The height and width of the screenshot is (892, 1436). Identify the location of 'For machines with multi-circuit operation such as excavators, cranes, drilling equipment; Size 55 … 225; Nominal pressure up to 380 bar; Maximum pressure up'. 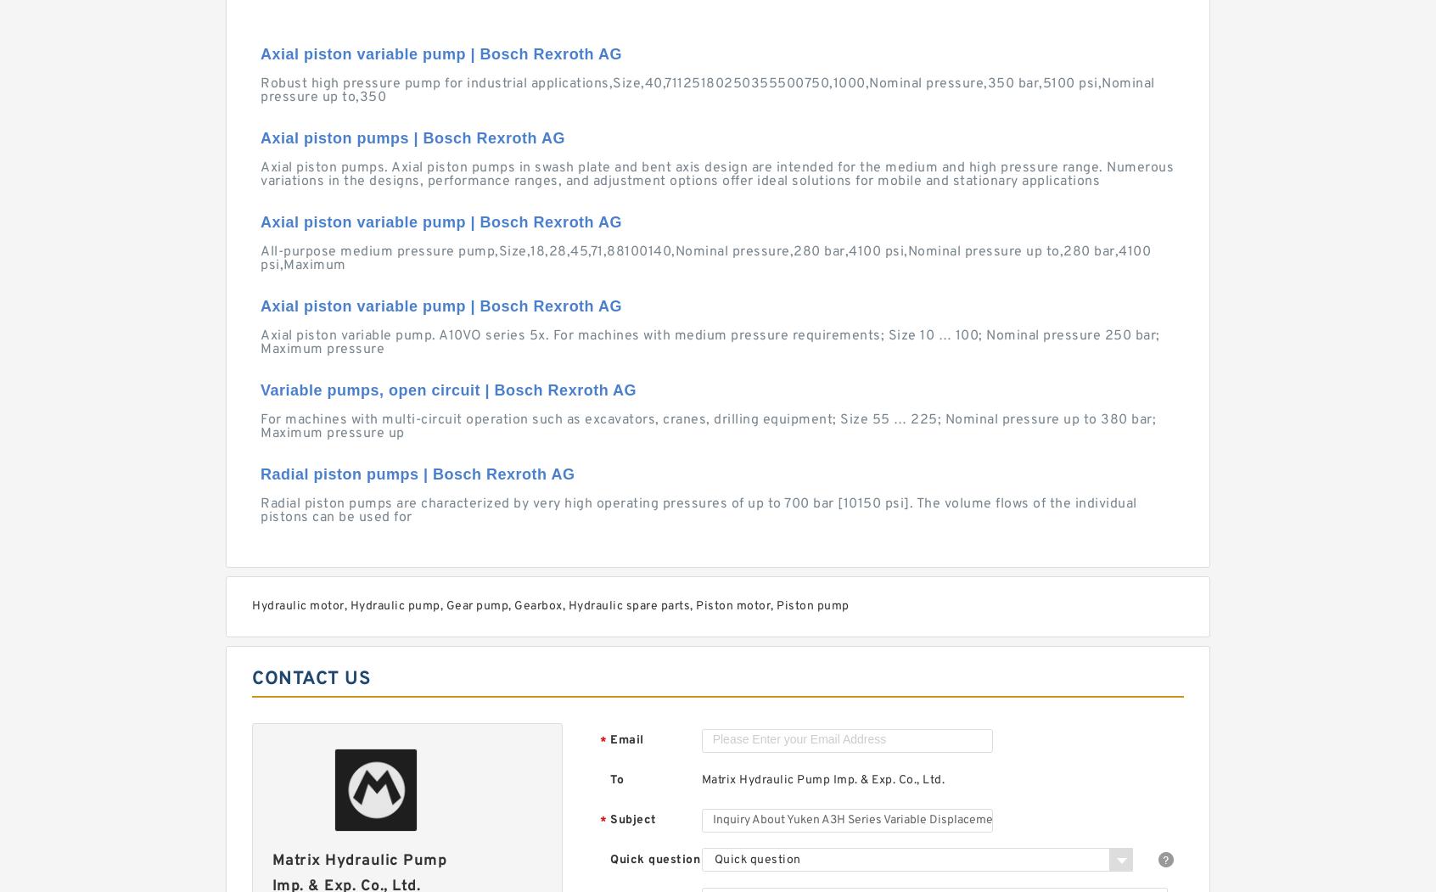
(259, 427).